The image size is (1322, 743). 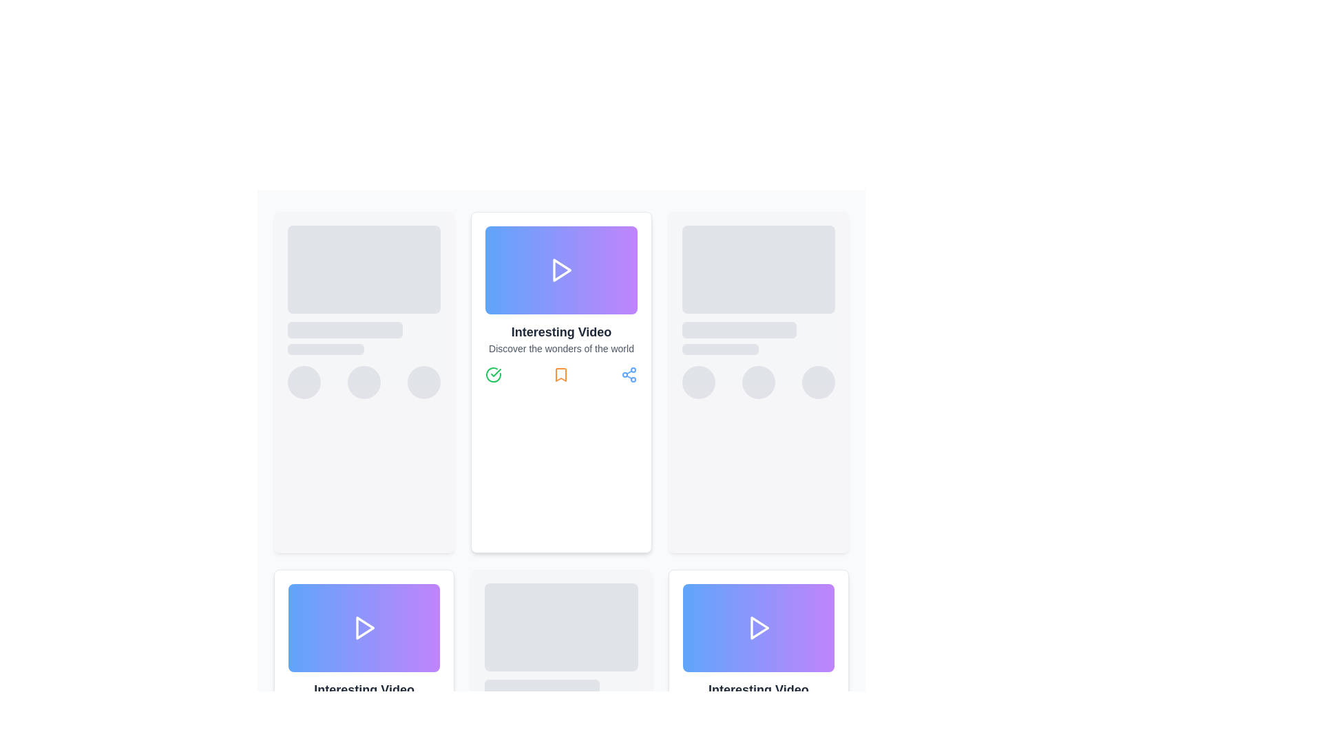 I want to click on the triangular-shaped play icon located within the gradient background of the 'Interesting Video' card to trigger the tooltip or interaction, so click(x=561, y=270).